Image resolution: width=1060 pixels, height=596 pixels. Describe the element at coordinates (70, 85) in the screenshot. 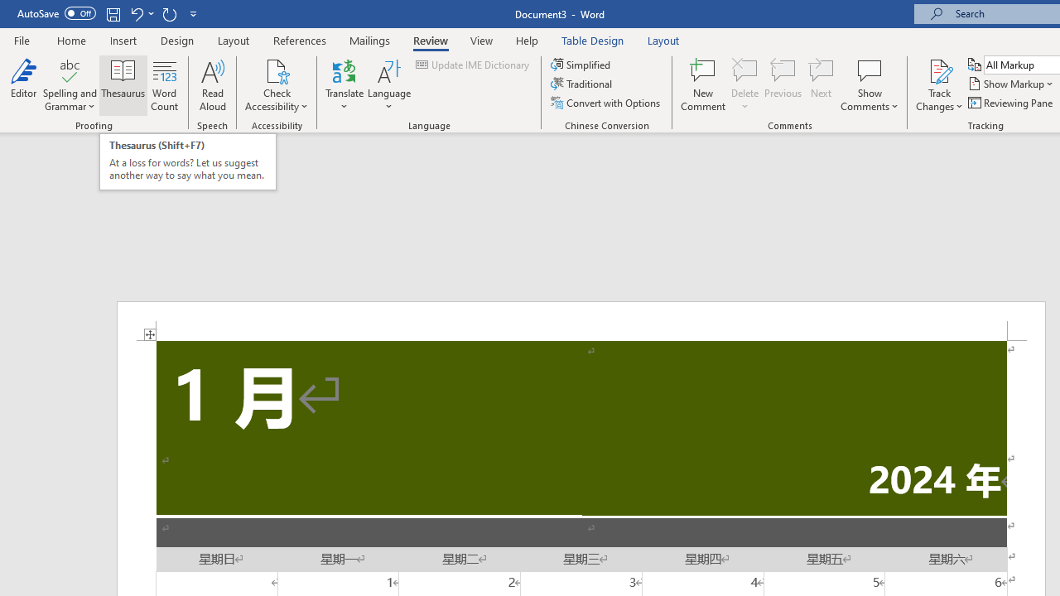

I see `'Spelling and Grammar'` at that location.